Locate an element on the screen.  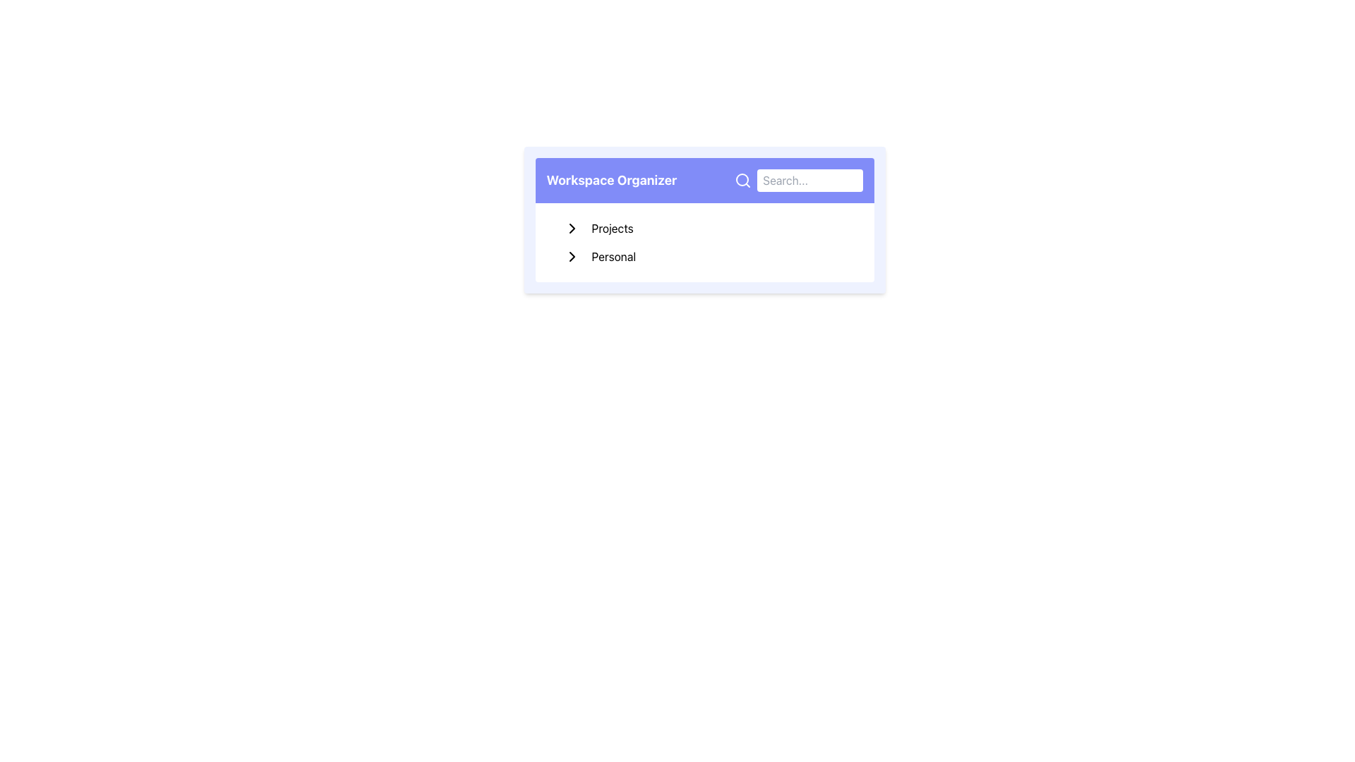
the circular graphical feature within the magnifying glass icon, which represents the lens part of the search feature located in the upper-right corner of the interface is located at coordinates (742, 179).